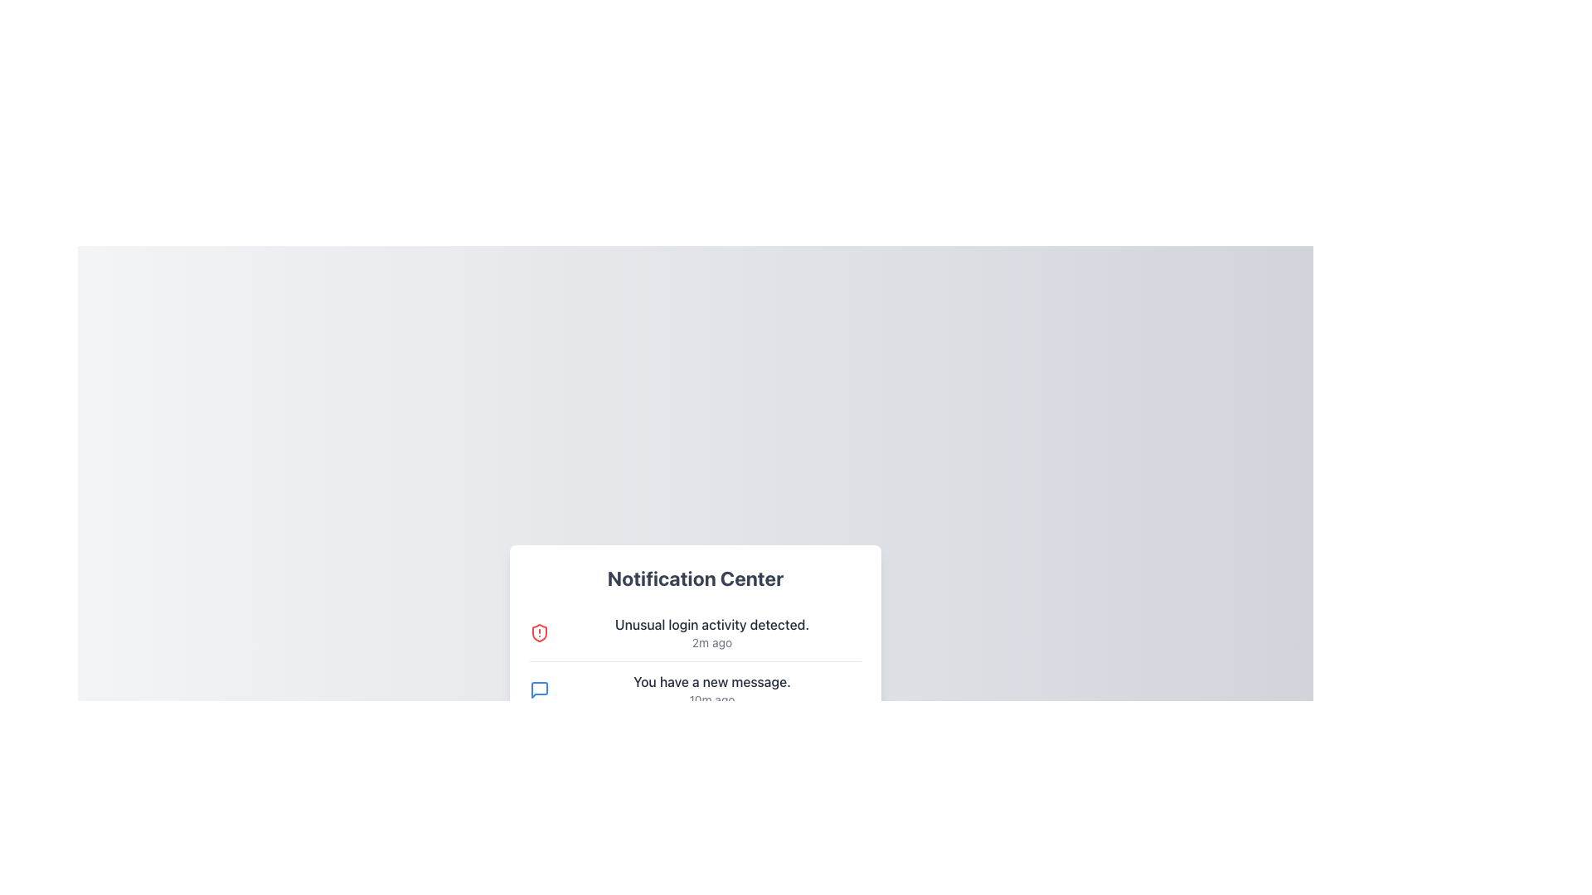 The height and width of the screenshot is (895, 1592). What do you see at coordinates (540, 632) in the screenshot?
I see `the warning icon that indicates 'Unusual login activity detected' in the Notification Center, positioned to the left of the message text` at bounding box center [540, 632].